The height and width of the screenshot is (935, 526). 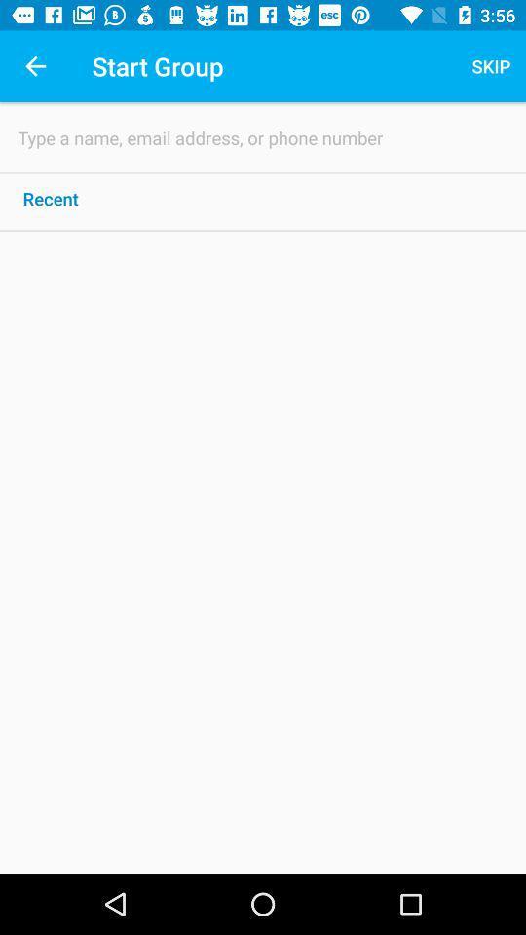 What do you see at coordinates (263, 136) in the screenshot?
I see `icon above recent` at bounding box center [263, 136].